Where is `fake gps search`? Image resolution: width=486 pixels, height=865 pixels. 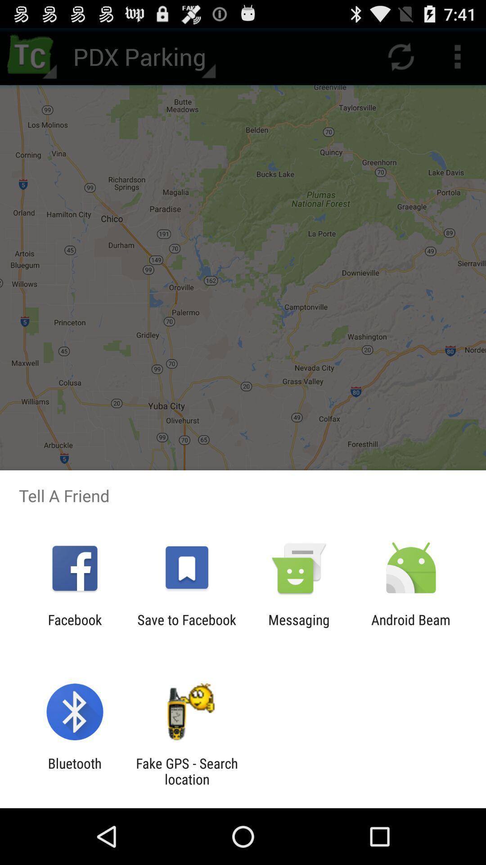 fake gps search is located at coordinates (186, 771).